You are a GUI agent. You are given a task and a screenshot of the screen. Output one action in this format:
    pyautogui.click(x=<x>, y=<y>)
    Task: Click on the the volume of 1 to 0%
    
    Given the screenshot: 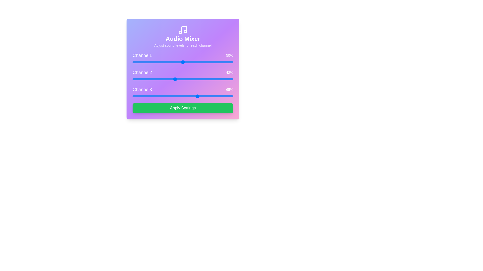 What is the action you would take?
    pyautogui.click(x=133, y=62)
    